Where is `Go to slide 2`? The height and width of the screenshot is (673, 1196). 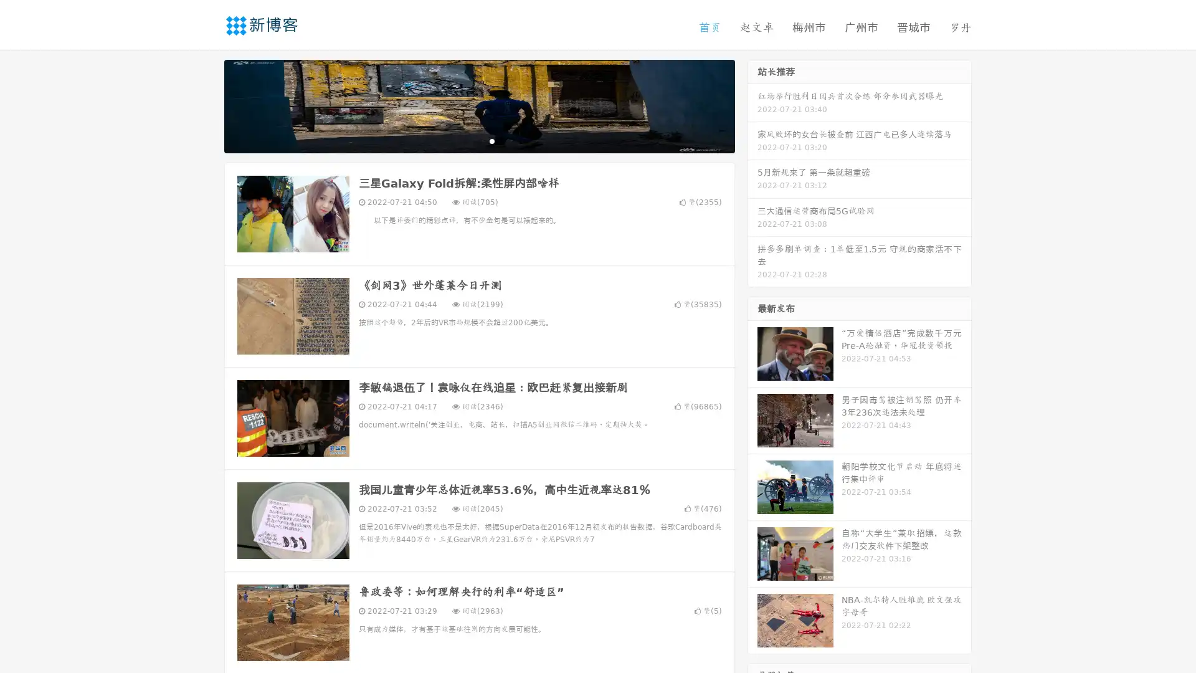 Go to slide 2 is located at coordinates (478, 140).